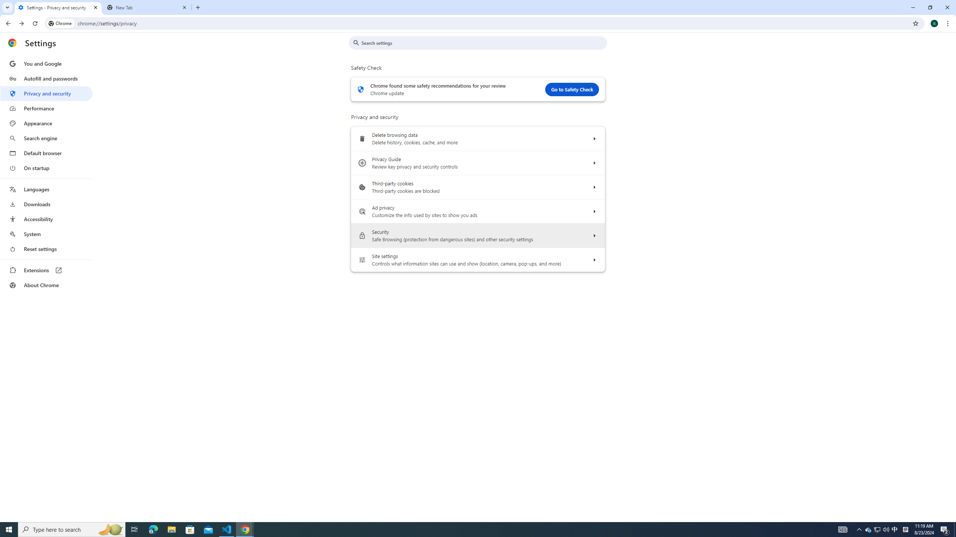 The width and height of the screenshot is (956, 537). Describe the element at coordinates (46, 270) in the screenshot. I see `'Extensions'` at that location.